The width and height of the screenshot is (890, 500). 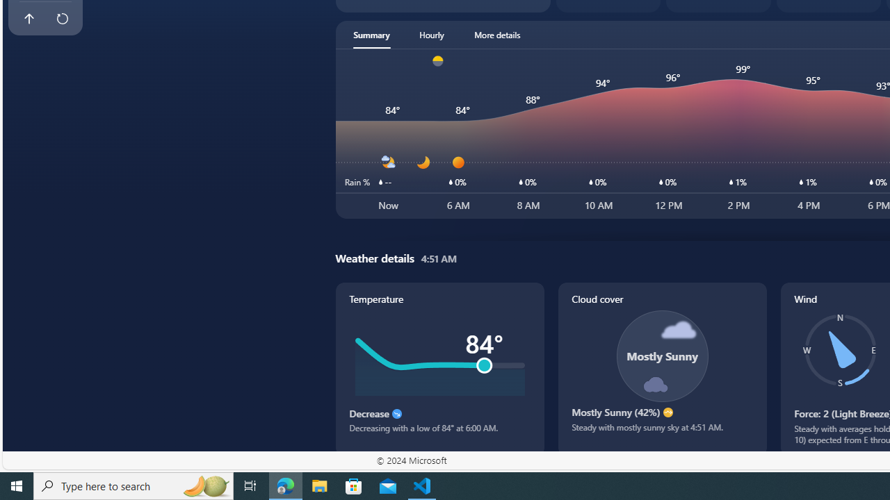 What do you see at coordinates (29, 19) in the screenshot?
I see `'Back to top'` at bounding box center [29, 19].